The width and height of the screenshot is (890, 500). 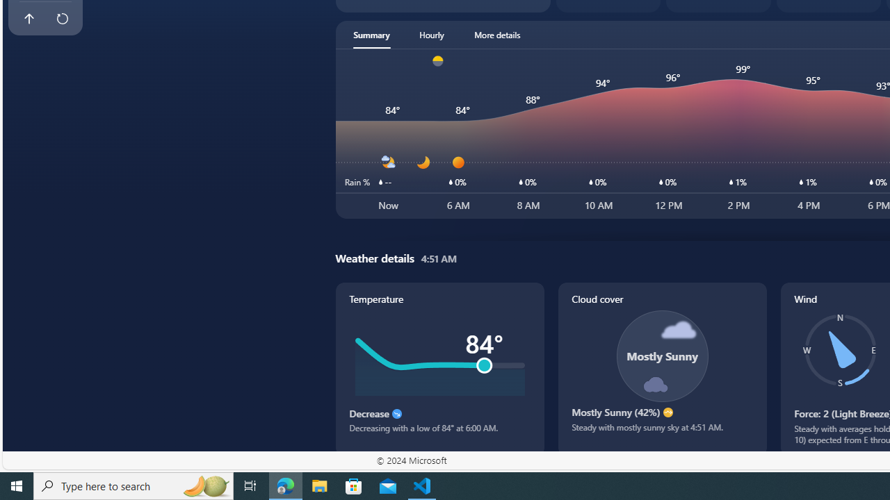 What do you see at coordinates (29, 19) in the screenshot?
I see `'Back to top'` at bounding box center [29, 19].